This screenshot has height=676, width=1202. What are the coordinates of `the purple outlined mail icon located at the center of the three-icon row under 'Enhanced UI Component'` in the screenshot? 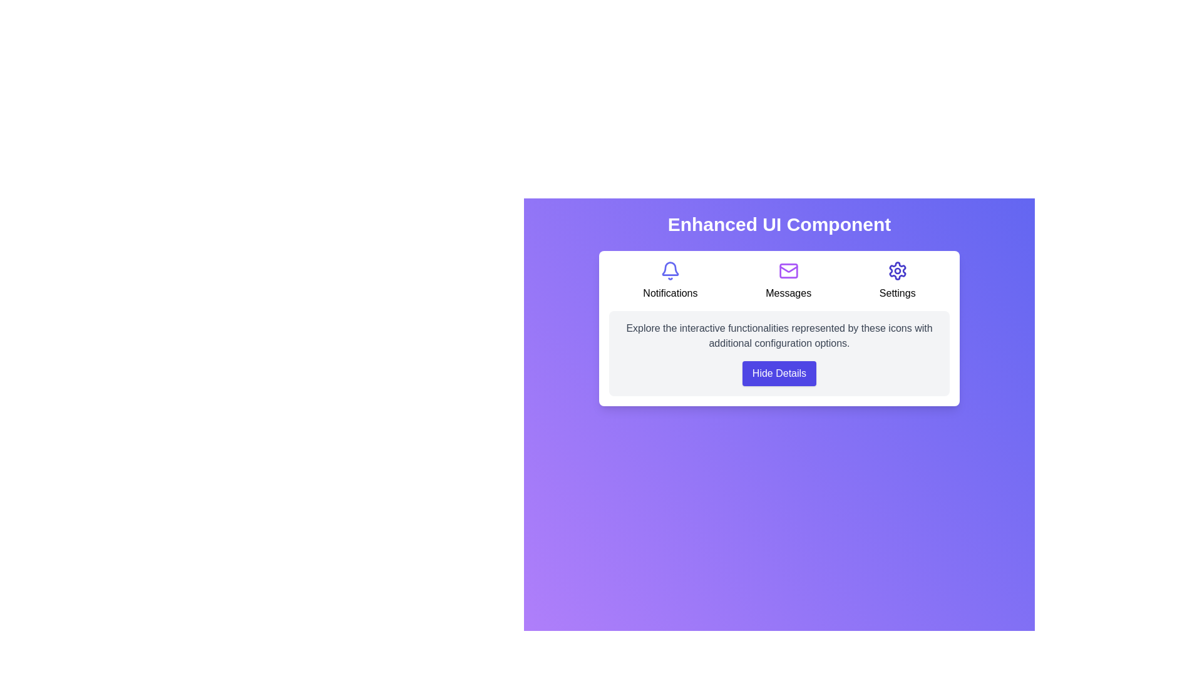 It's located at (788, 270).